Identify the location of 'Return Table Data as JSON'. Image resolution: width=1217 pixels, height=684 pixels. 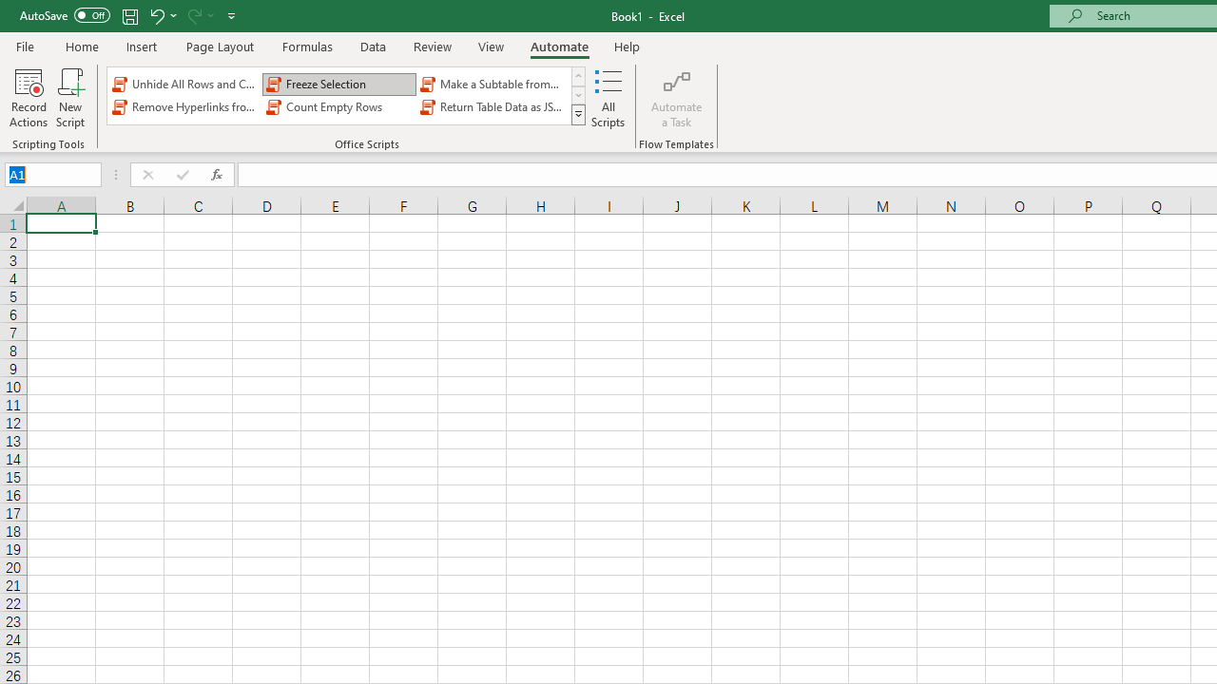
(493, 107).